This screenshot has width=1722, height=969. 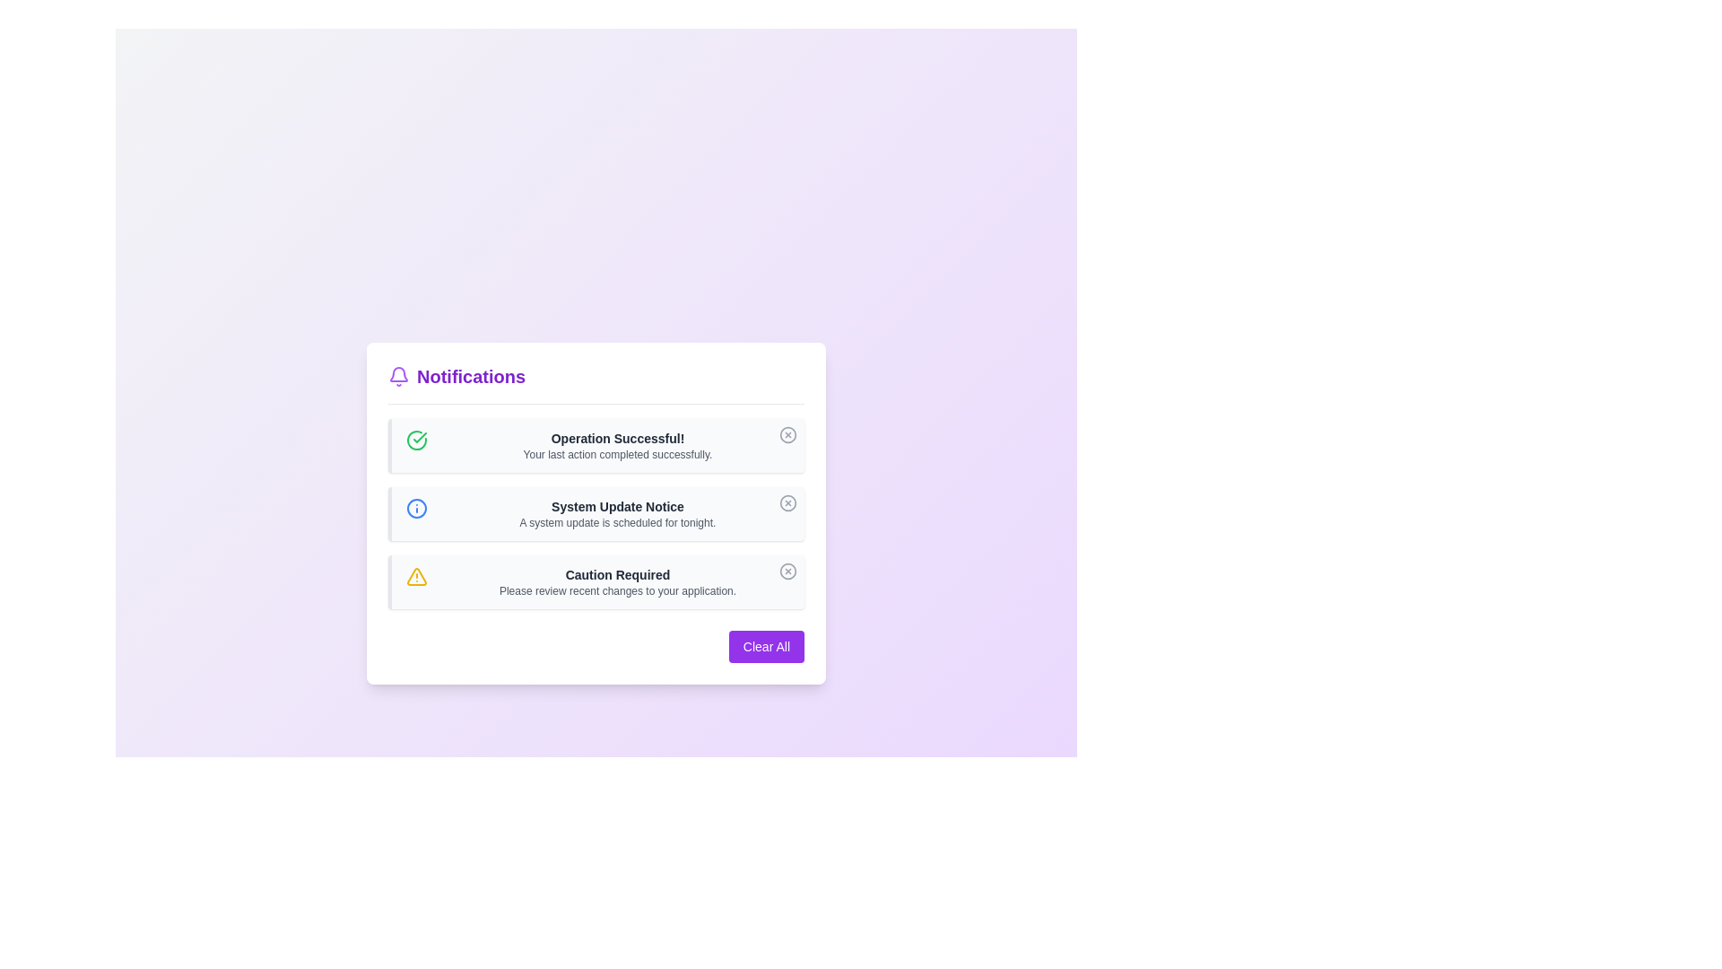 I want to click on the caution icon located in the third notification entry of the list, which is positioned near the left edge of the notification card and aligns vertically with the card's header, so click(x=416, y=576).